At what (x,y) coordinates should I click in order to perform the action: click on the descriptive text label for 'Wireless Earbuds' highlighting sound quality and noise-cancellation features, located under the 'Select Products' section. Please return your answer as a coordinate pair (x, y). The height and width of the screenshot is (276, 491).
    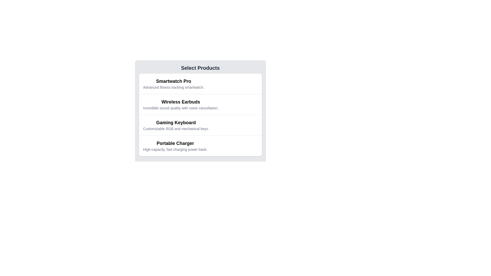
    Looking at the image, I should click on (181, 108).